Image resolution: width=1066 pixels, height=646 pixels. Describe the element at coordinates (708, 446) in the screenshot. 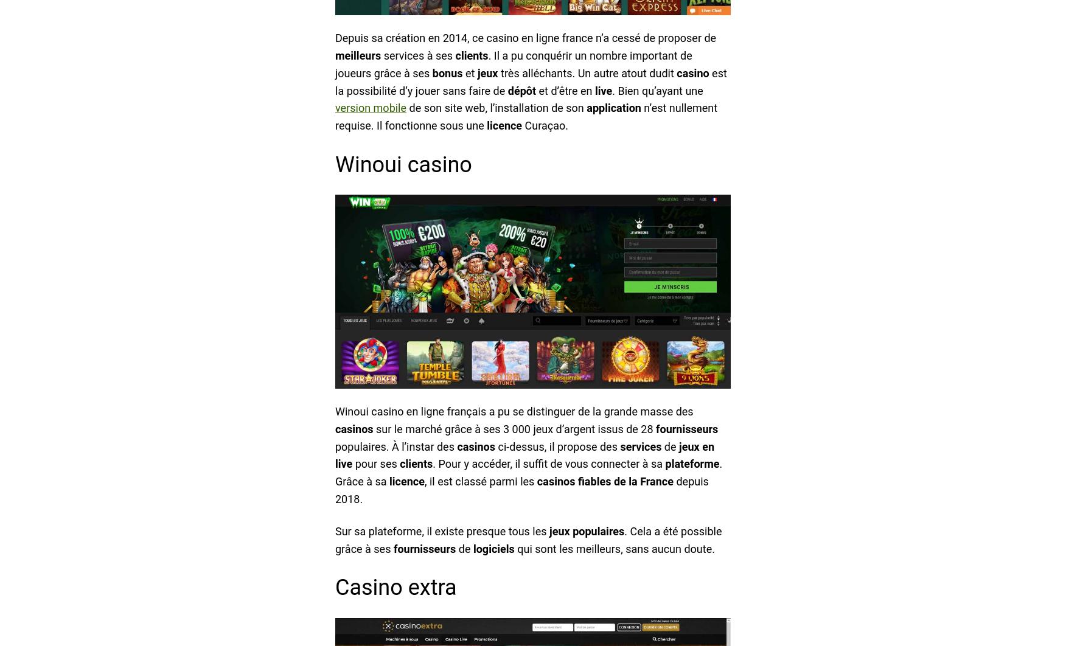

I see `'en'` at that location.